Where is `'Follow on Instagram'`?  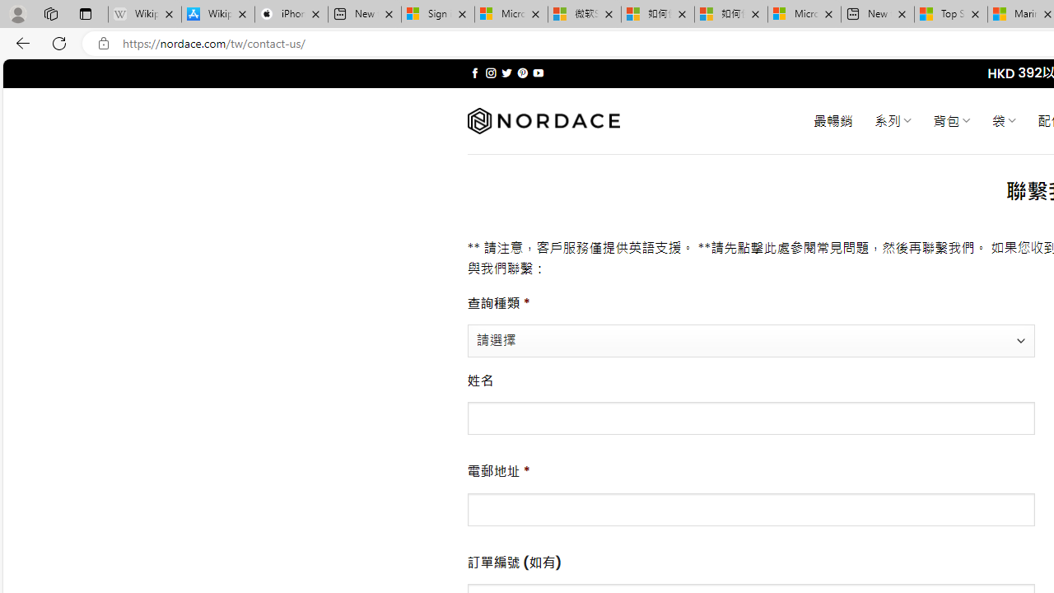 'Follow on Instagram' is located at coordinates (490, 72).